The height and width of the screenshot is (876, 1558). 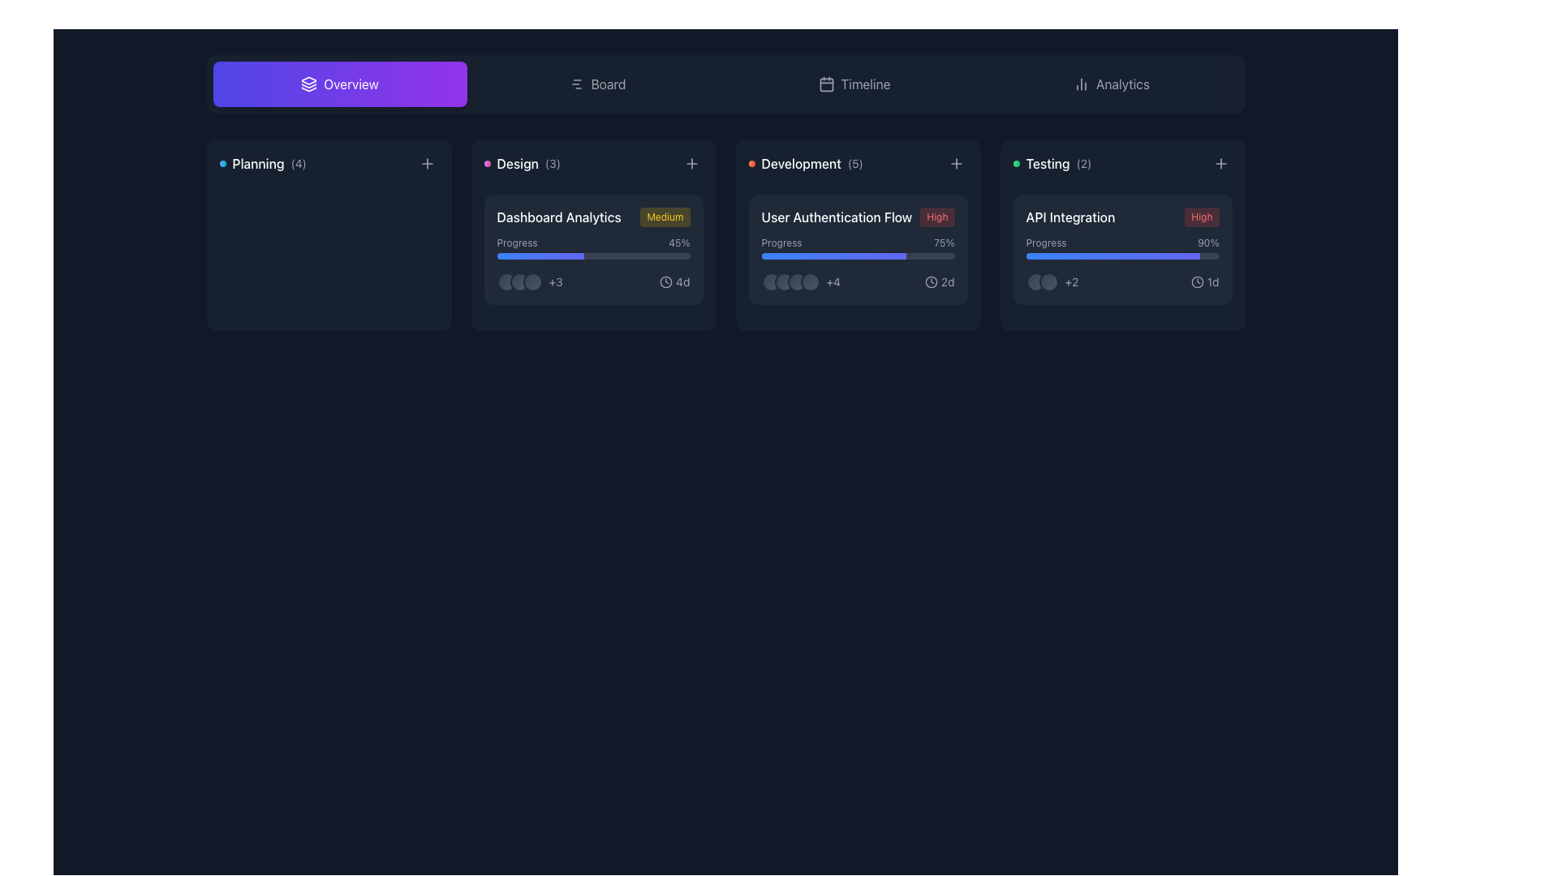 What do you see at coordinates (1121, 247) in the screenshot?
I see `the progress bar element labeled 'Progress' that displays '90%' completion, located in the 'API Integration' card with 'High' priority` at bounding box center [1121, 247].